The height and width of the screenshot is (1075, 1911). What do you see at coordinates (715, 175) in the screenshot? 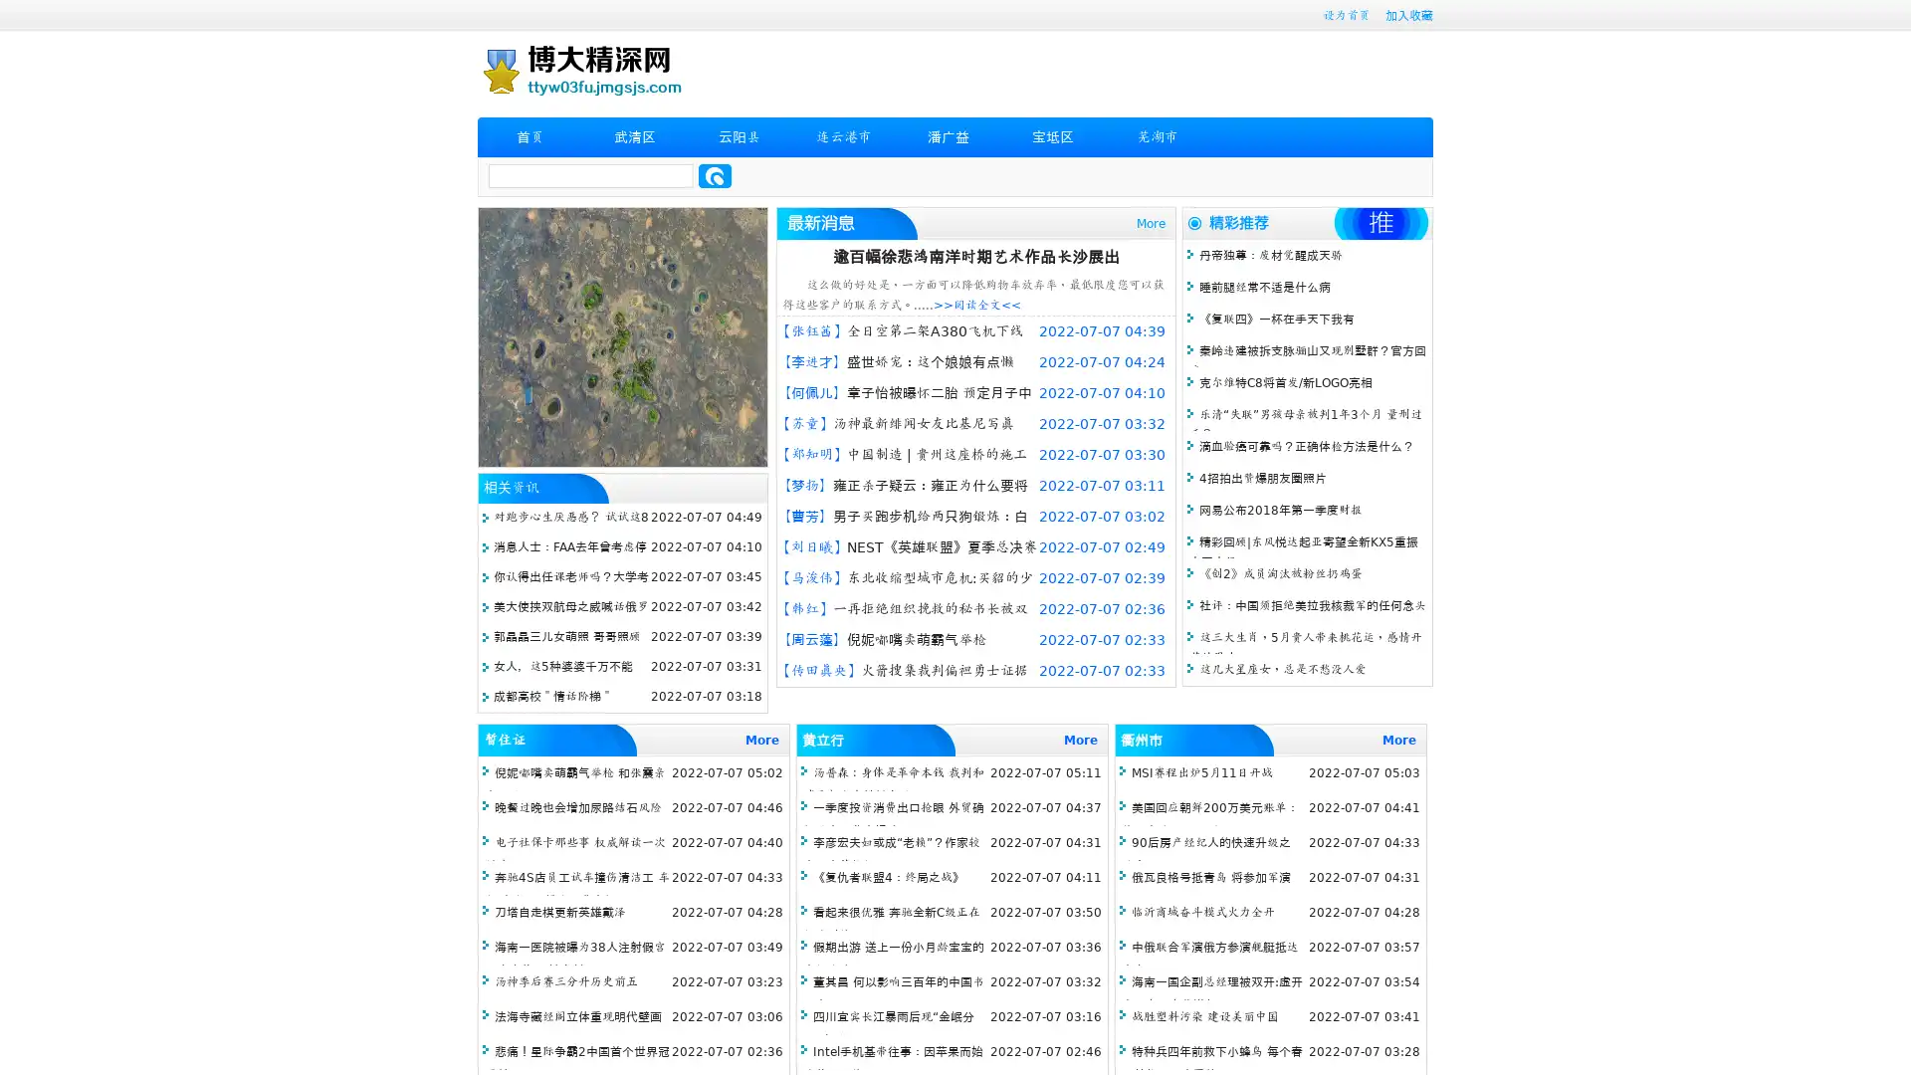
I see `Search` at bounding box center [715, 175].